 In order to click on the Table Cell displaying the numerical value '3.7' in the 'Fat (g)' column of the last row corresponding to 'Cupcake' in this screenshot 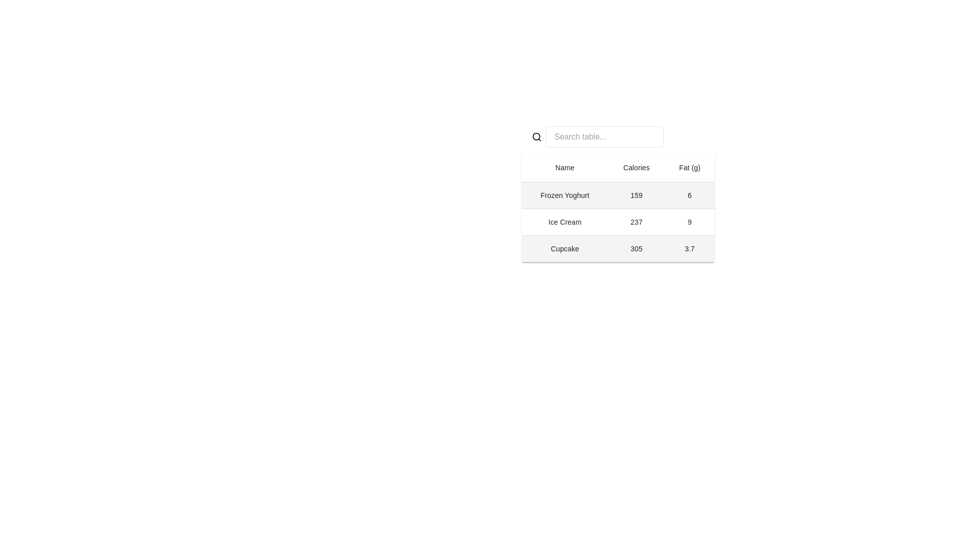, I will do `click(689, 248)`.